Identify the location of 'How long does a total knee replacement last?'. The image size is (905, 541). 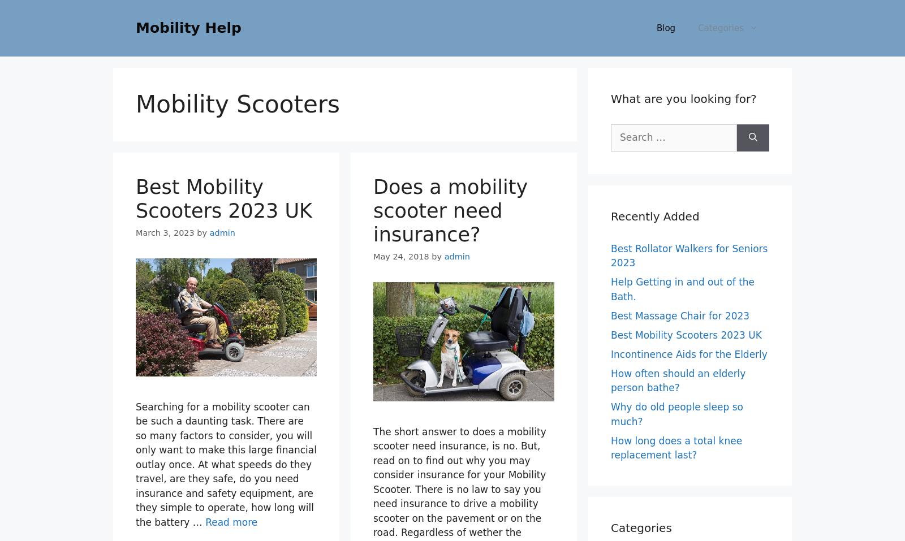
(676, 447).